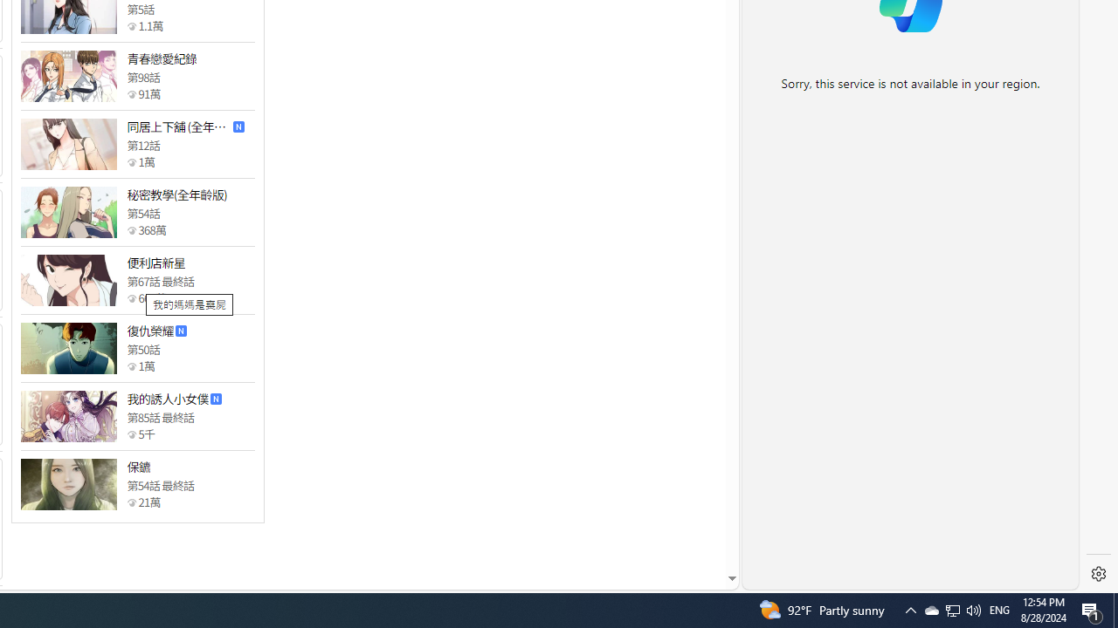 Image resolution: width=1118 pixels, height=628 pixels. Describe the element at coordinates (68, 484) in the screenshot. I see `'Class: thumb_img'` at that location.